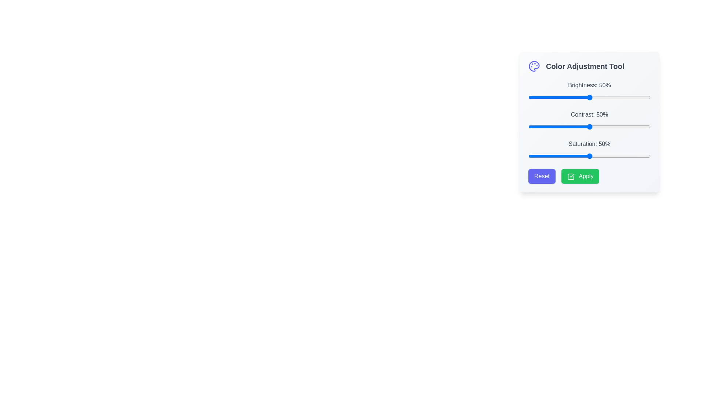 The height and width of the screenshot is (396, 705). Describe the element at coordinates (589, 155) in the screenshot. I see `the thumb of the saturation slider, located beneath the label 'Saturation: 50%'` at that location.